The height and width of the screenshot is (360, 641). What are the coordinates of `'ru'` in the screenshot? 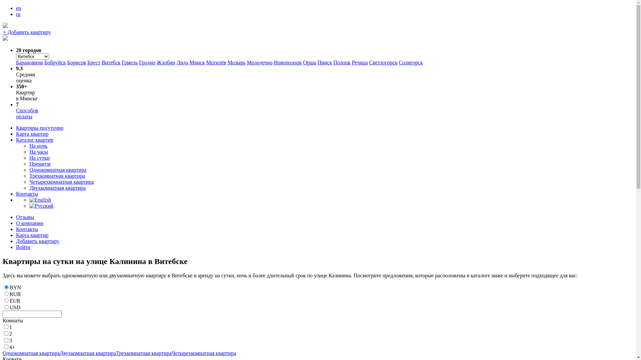 It's located at (18, 14).